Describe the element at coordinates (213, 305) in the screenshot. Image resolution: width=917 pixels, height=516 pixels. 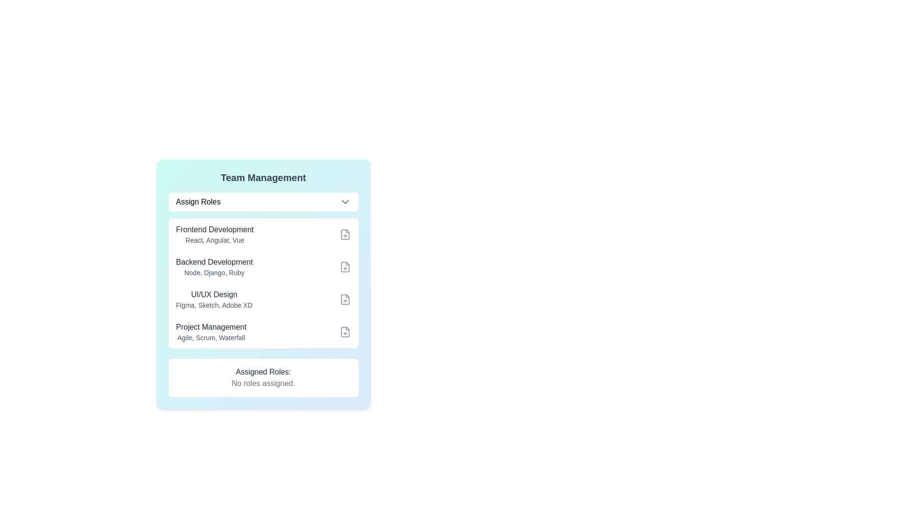
I see `the static text element that describes software tools associated with the 'UI/UX Design' category, located directly below 'UI/UX Design' in the Team Management section` at that location.